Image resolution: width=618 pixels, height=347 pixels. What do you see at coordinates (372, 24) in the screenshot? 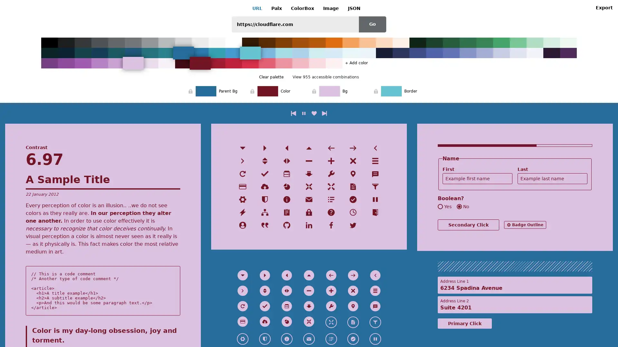
I see `Go` at bounding box center [372, 24].